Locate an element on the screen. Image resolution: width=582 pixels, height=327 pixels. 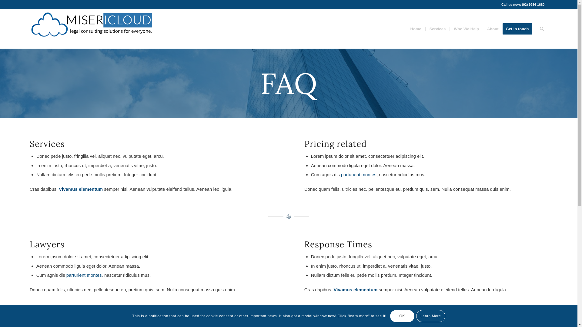
'Home' is located at coordinates (416, 29).